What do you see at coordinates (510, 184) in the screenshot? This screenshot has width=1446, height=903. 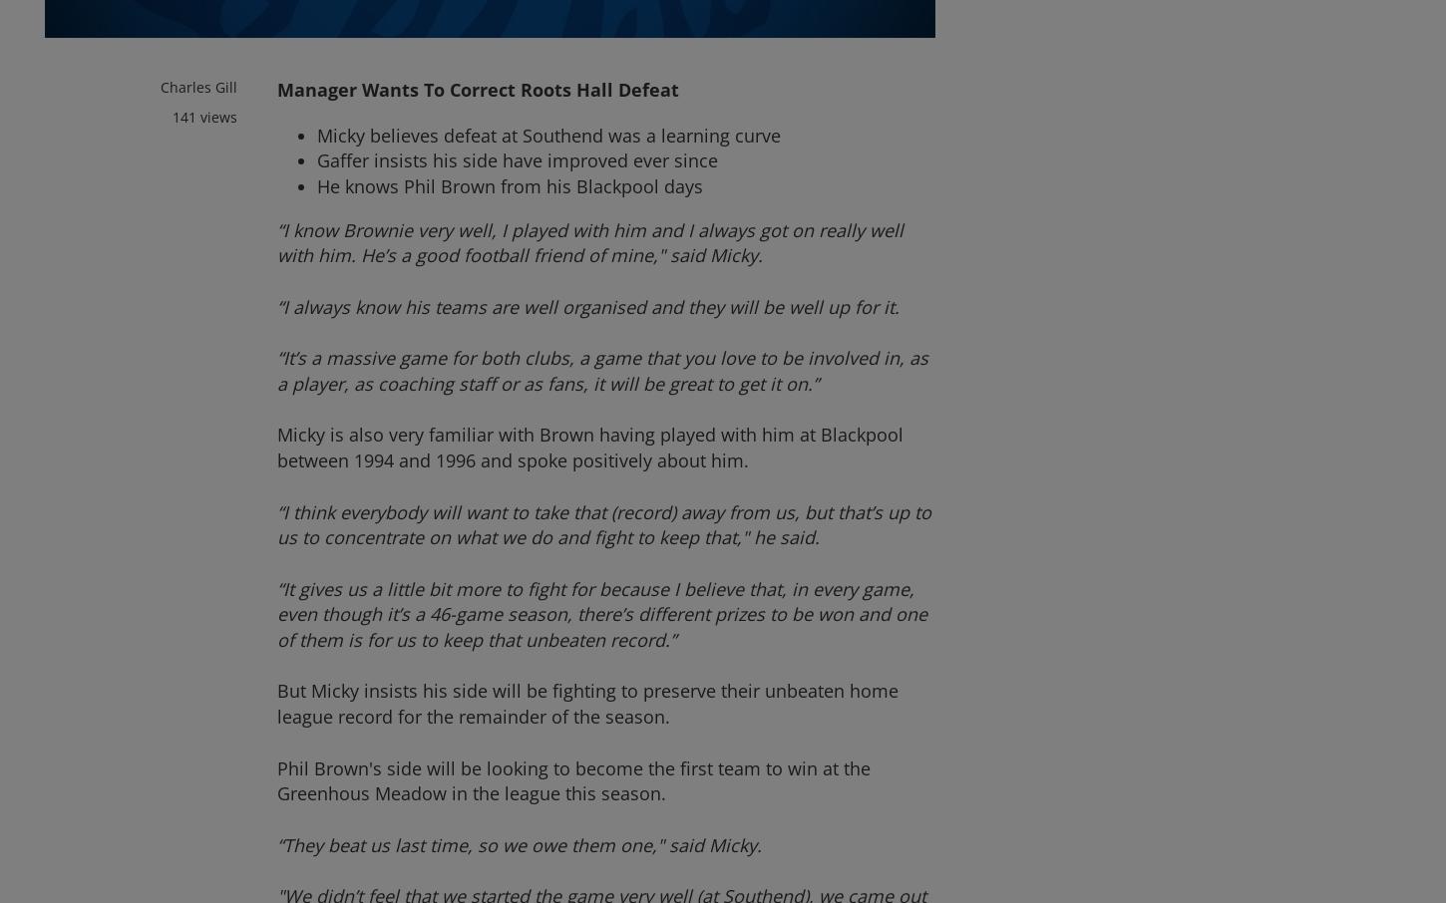 I see `'He knows Phil Brown from his Blackpool days'` at bounding box center [510, 184].